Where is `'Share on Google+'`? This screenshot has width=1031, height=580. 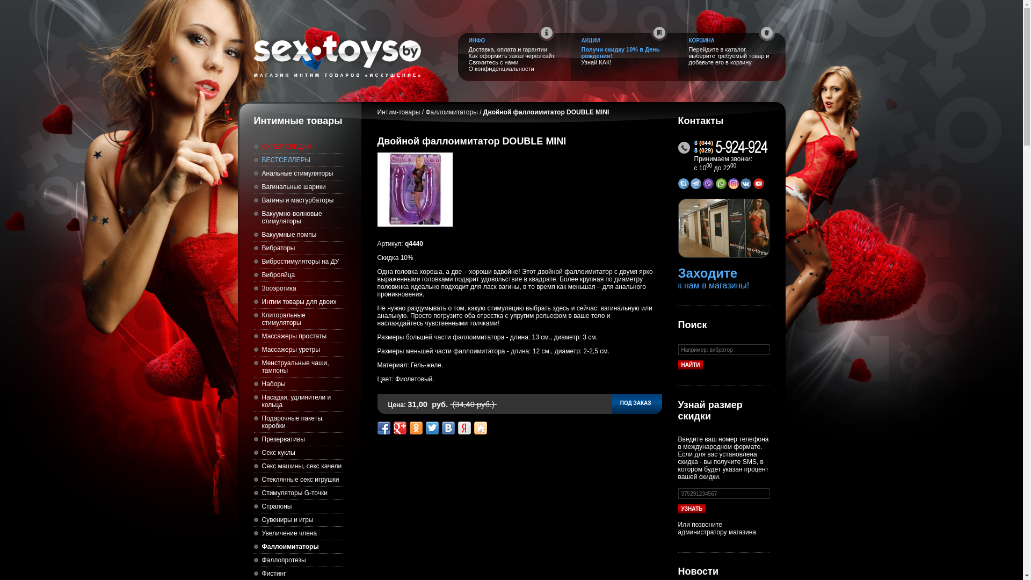
'Share on Google+' is located at coordinates (399, 427).